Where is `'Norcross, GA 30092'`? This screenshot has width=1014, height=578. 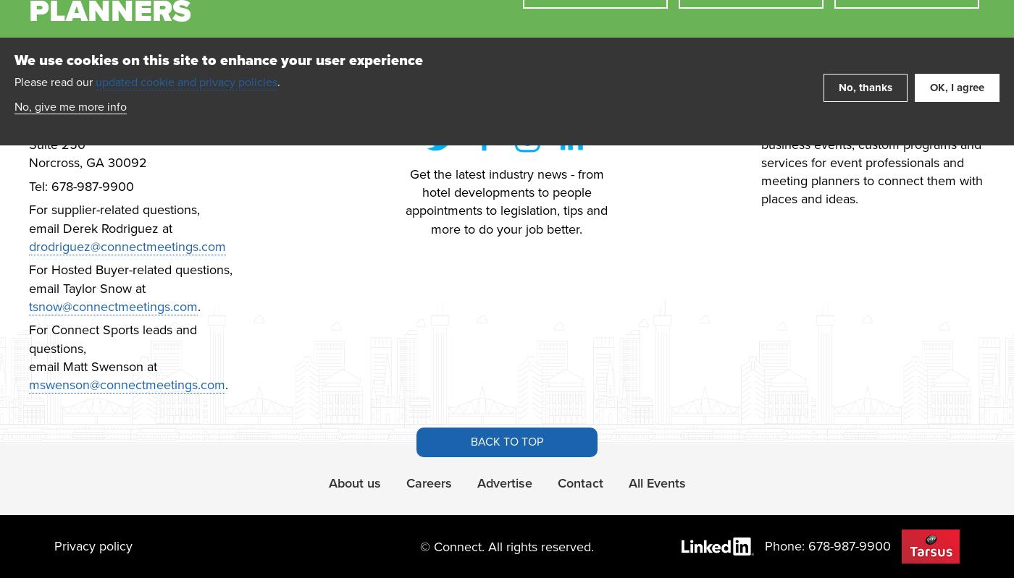
'Norcross, GA 30092' is located at coordinates (29, 161).